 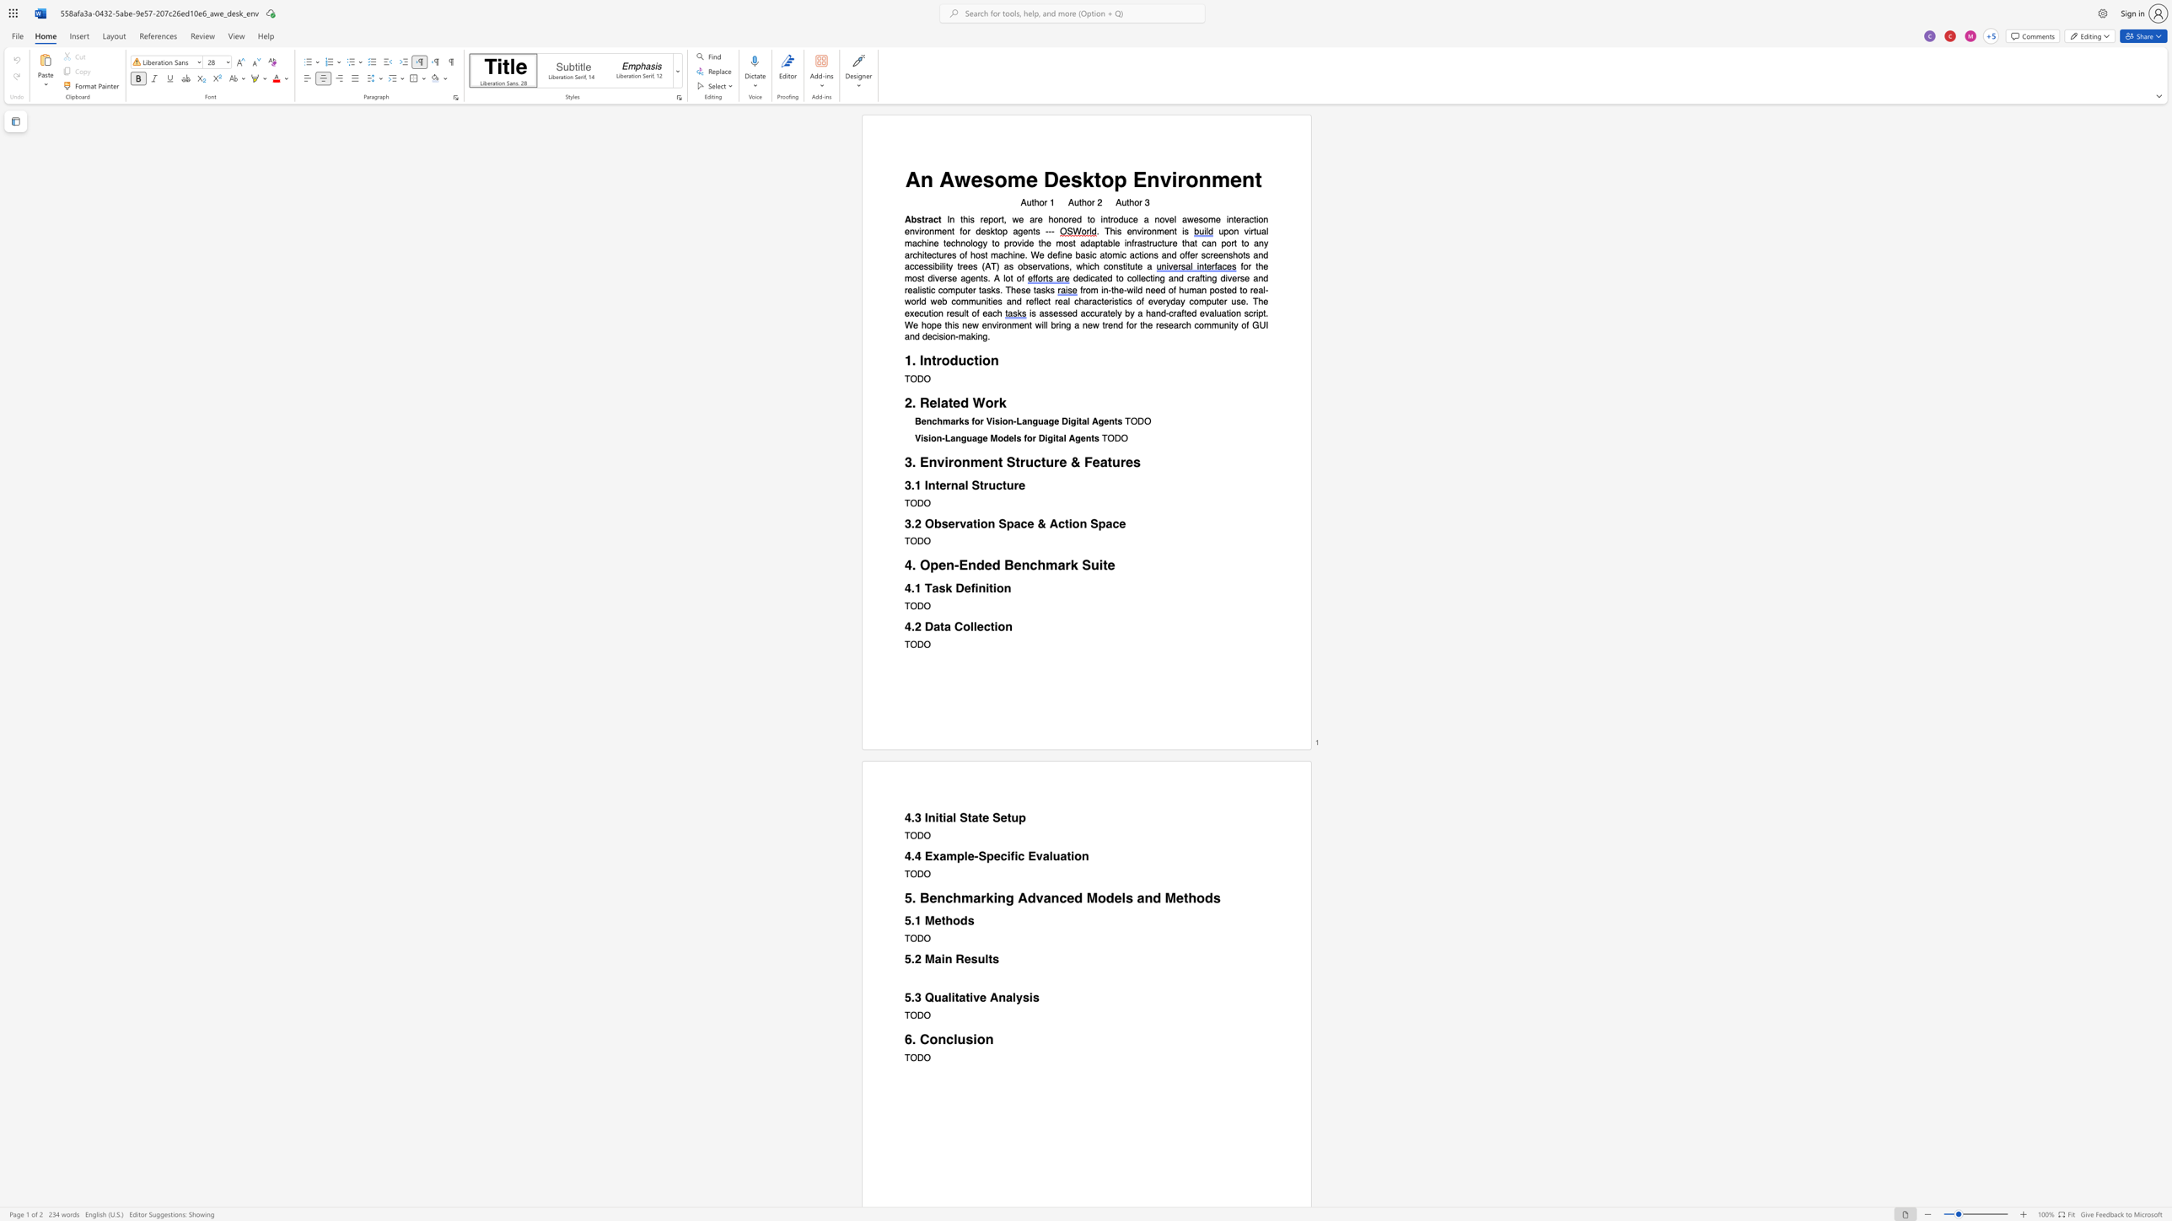 What do you see at coordinates (1151, 231) in the screenshot?
I see `the subset text "nm" within the text ". This environment is"` at bounding box center [1151, 231].